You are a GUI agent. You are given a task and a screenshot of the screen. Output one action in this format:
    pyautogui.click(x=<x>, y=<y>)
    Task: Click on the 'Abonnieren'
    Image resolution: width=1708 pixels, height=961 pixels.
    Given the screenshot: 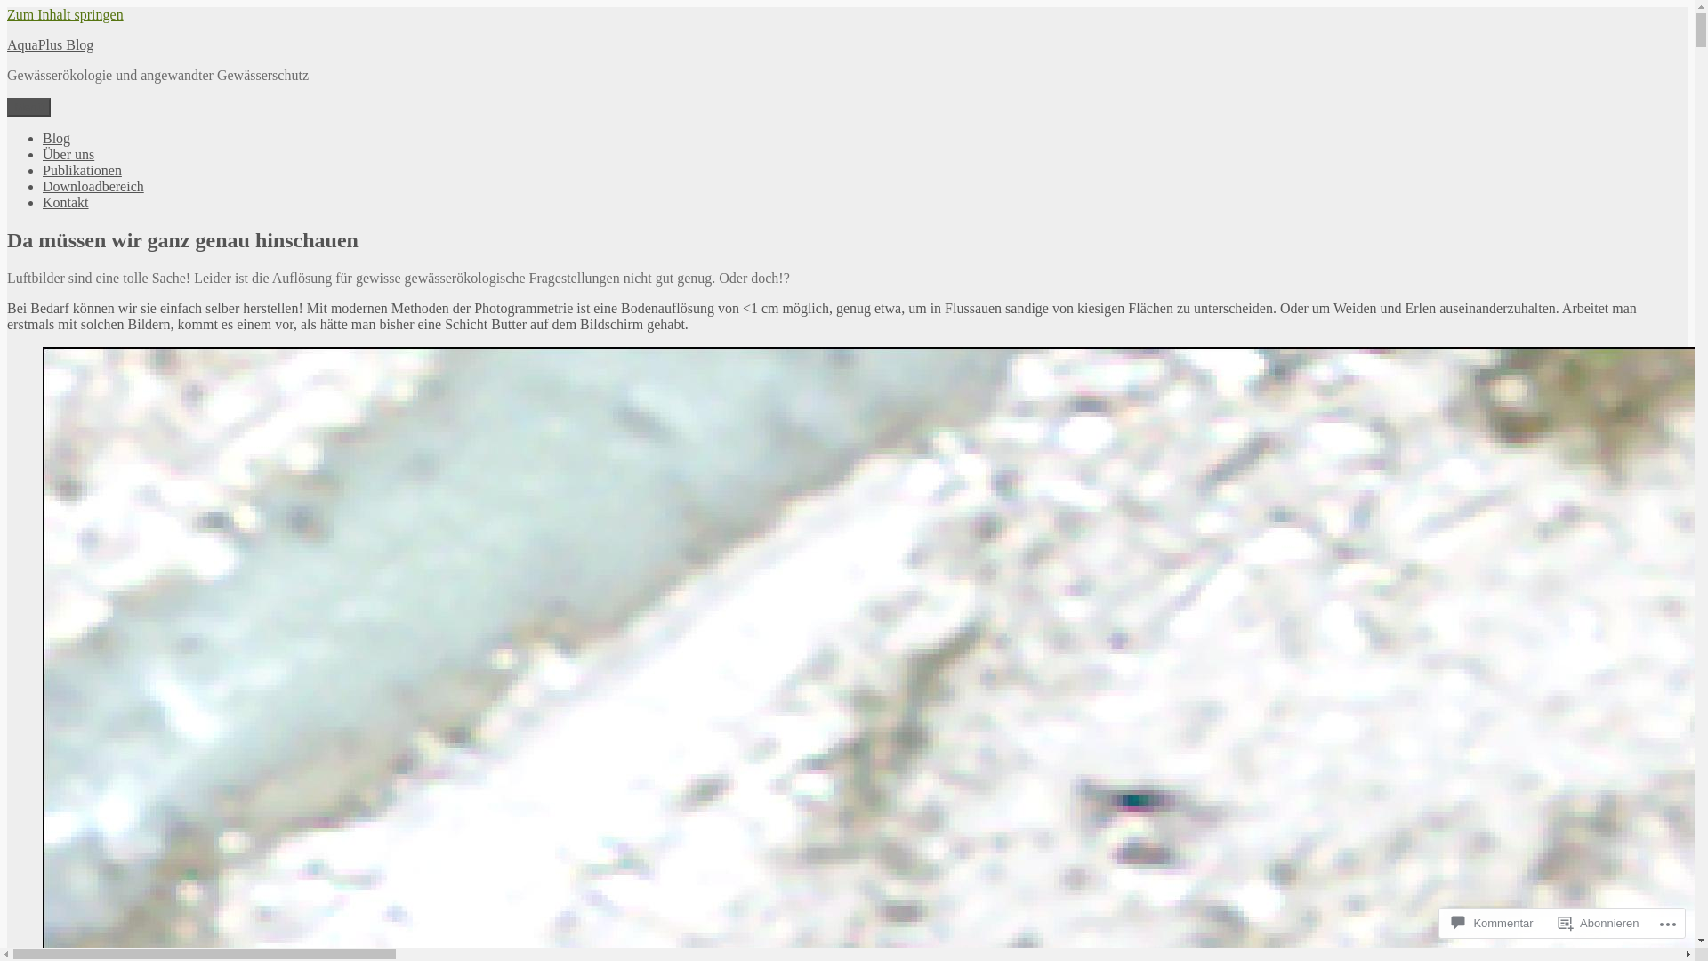 What is the action you would take?
    pyautogui.click(x=1599, y=922)
    